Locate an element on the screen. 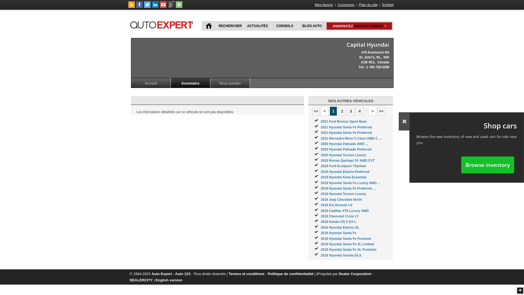  'ANNONCEZ GRATUITEMENT !' is located at coordinates (359, 26).